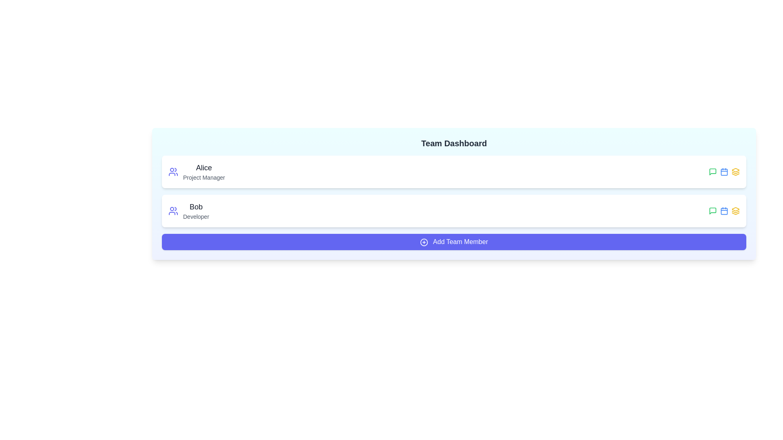 The width and height of the screenshot is (783, 440). Describe the element at coordinates (204, 167) in the screenshot. I see `the text label representing the name 'Alice' in the user list, which serves as a visual identifier within the first user card` at that location.